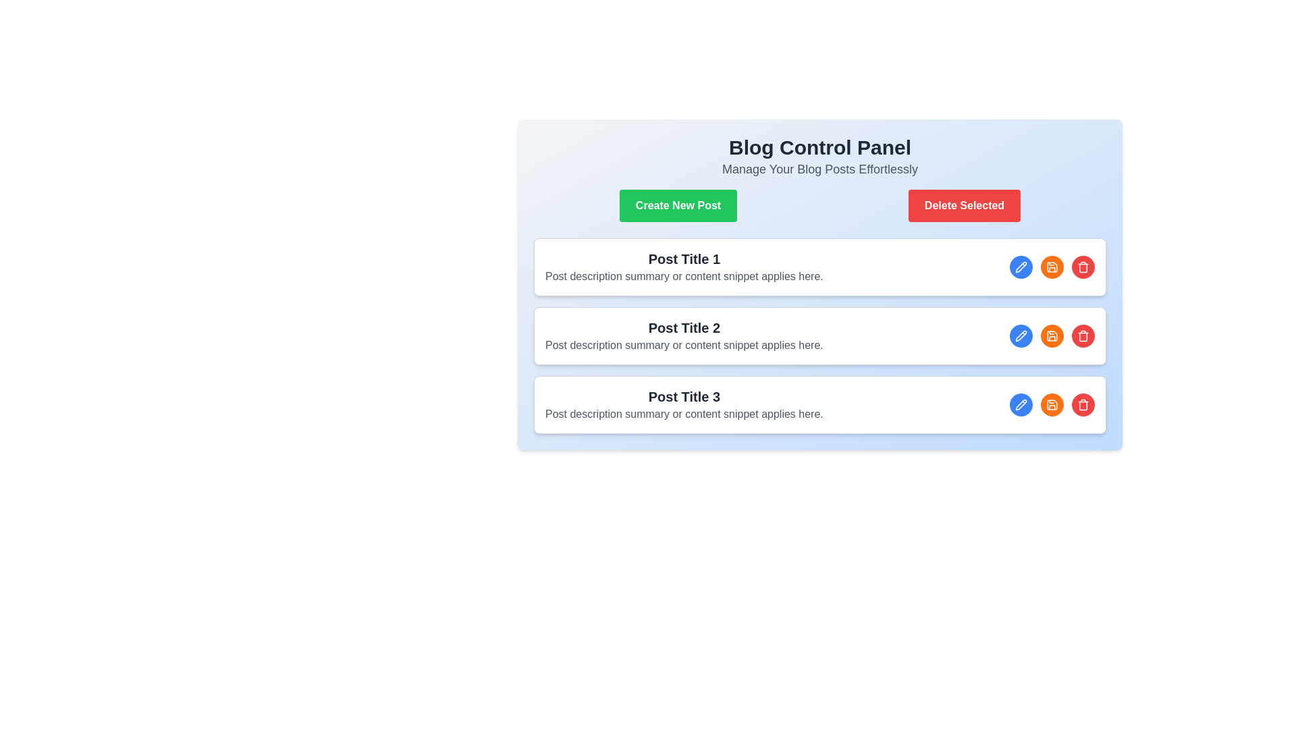  Describe the element at coordinates (964, 205) in the screenshot. I see `the 'Delete Selected' button, which is a bright red button with bold white text, located at the top-right corner of the content area` at that location.